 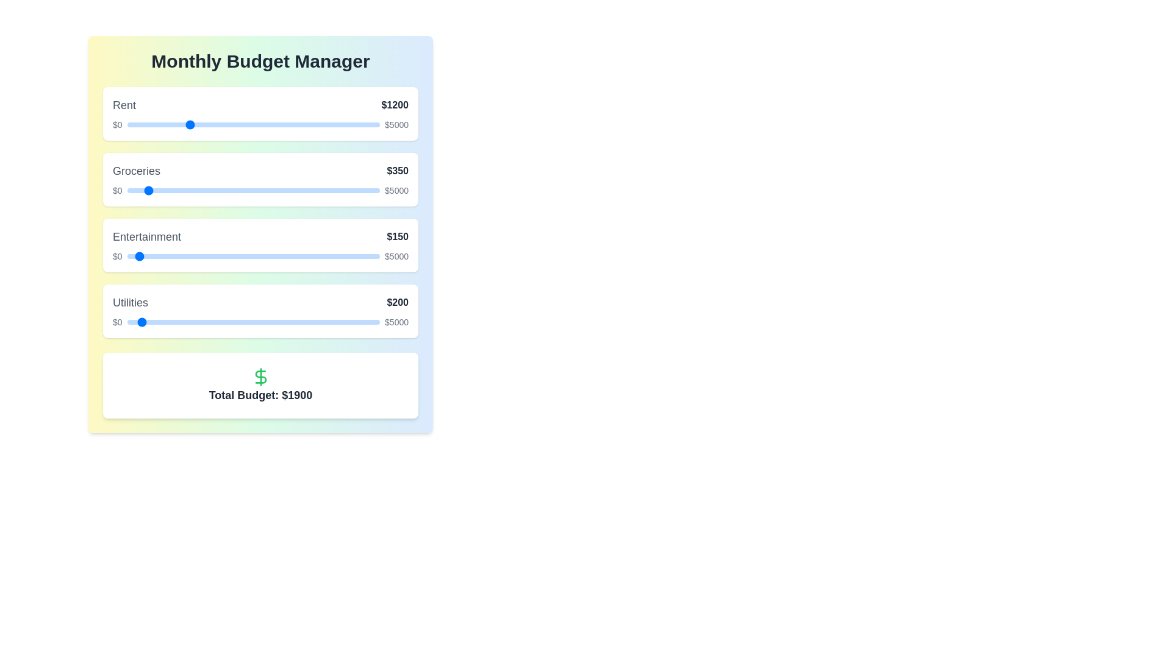 What do you see at coordinates (318, 255) in the screenshot?
I see `the entertainment budget slider` at bounding box center [318, 255].